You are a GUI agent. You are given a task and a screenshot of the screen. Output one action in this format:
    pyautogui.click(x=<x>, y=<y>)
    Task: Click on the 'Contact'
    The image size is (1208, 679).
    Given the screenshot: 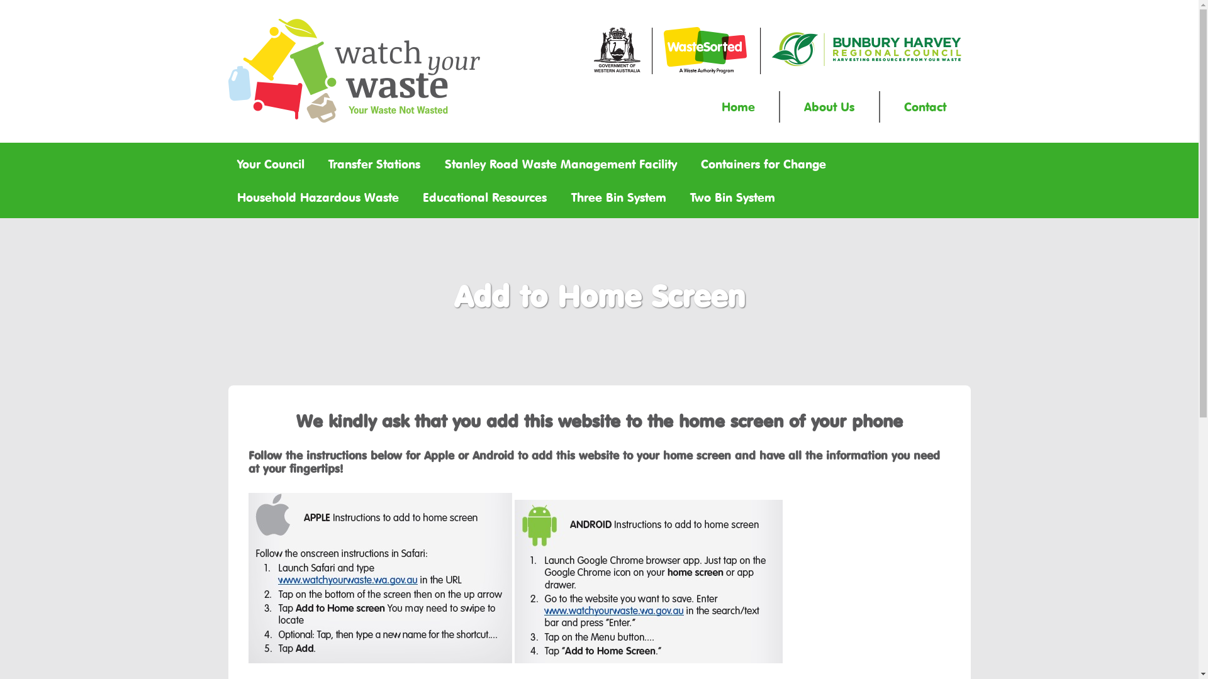 What is the action you would take?
    pyautogui.click(x=925, y=106)
    